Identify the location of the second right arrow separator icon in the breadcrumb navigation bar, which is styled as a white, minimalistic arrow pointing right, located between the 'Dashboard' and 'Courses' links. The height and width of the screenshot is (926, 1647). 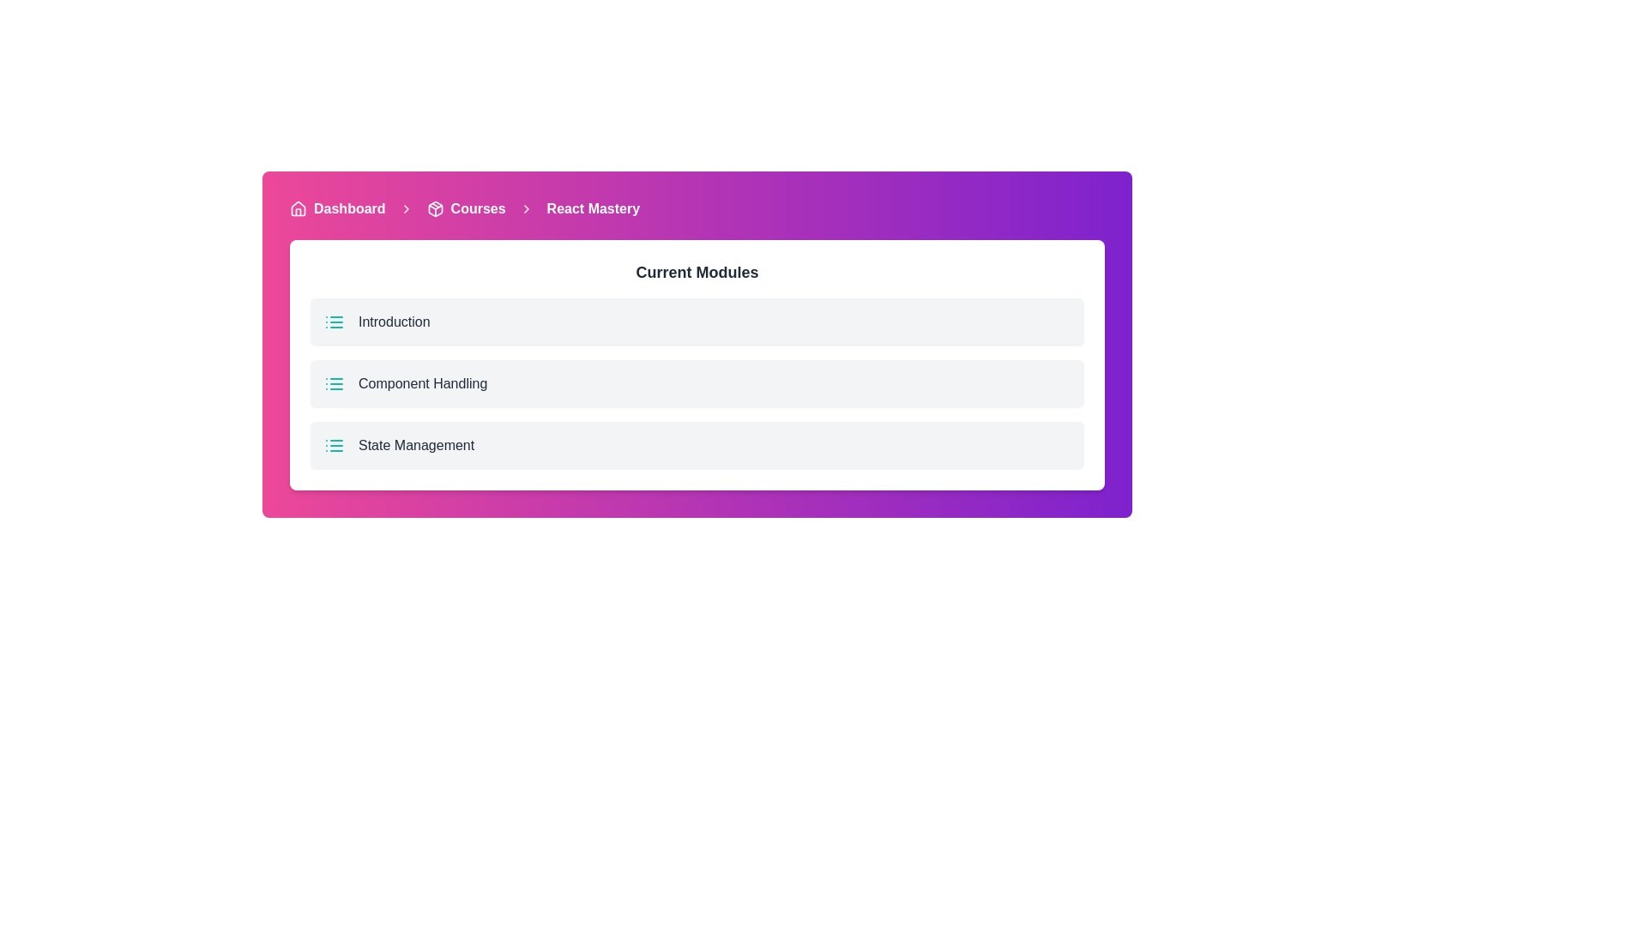
(405, 207).